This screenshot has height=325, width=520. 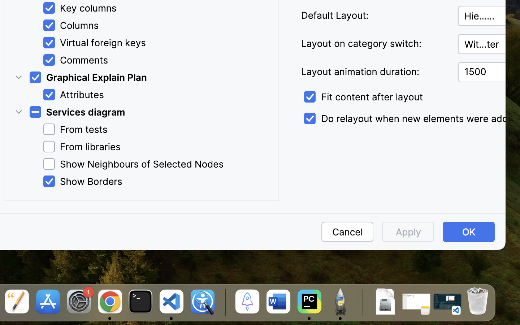 I want to click on 'Layout animation duration:', so click(x=374, y=71).